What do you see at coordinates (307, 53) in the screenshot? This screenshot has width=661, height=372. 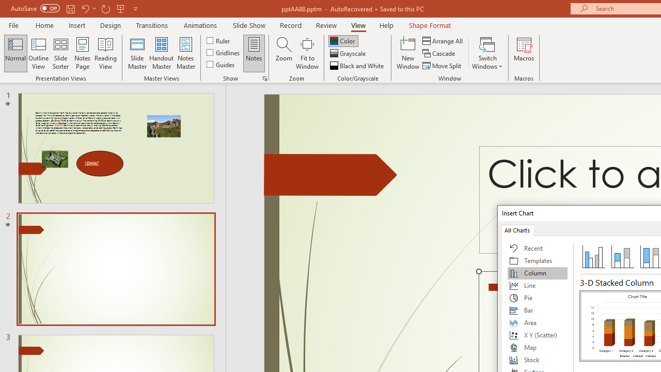 I see `'Fit to Window'` at bounding box center [307, 53].